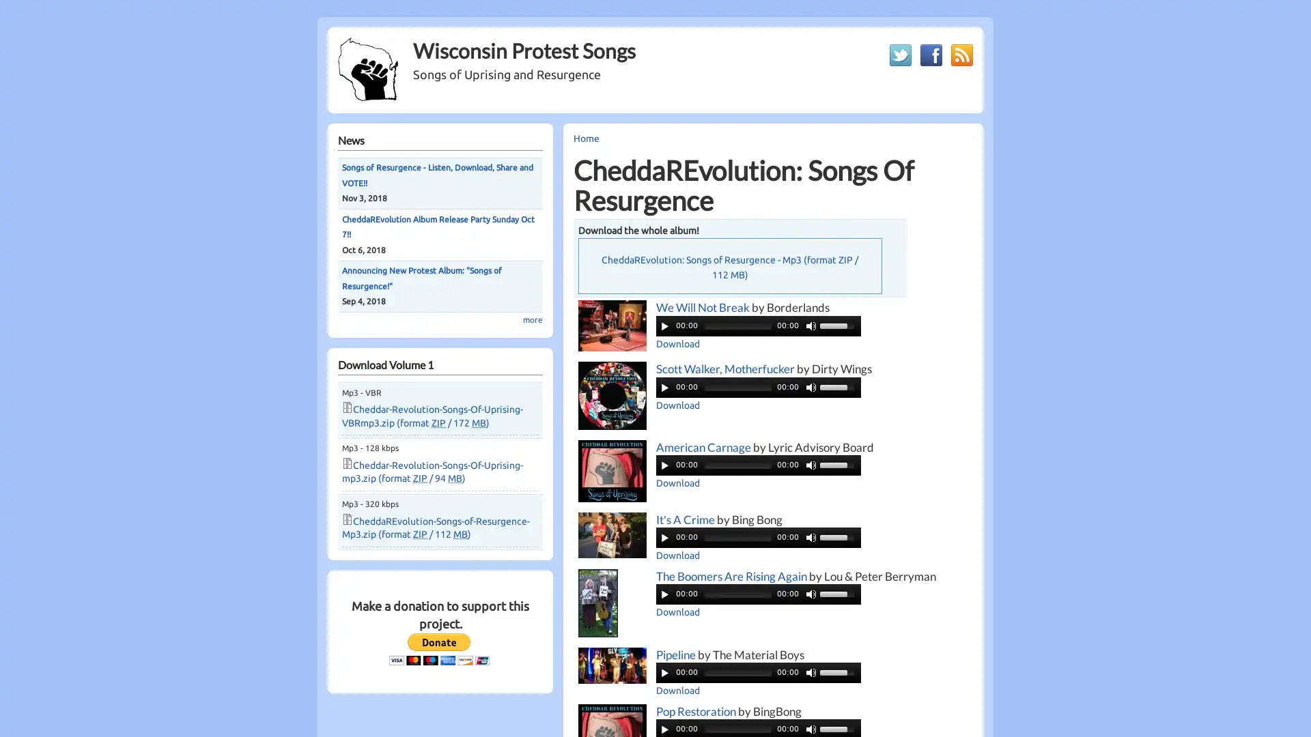  Describe the element at coordinates (811, 671) in the screenshot. I see `Mute Toggle` at that location.